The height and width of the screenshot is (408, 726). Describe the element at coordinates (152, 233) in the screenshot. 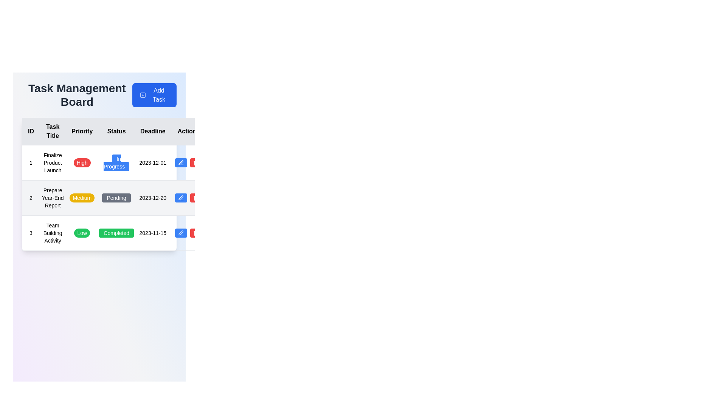

I see `the text label displaying the deadline date for the 'Team Building Activity' task, located in the third row under the 'Deadline' column` at that location.